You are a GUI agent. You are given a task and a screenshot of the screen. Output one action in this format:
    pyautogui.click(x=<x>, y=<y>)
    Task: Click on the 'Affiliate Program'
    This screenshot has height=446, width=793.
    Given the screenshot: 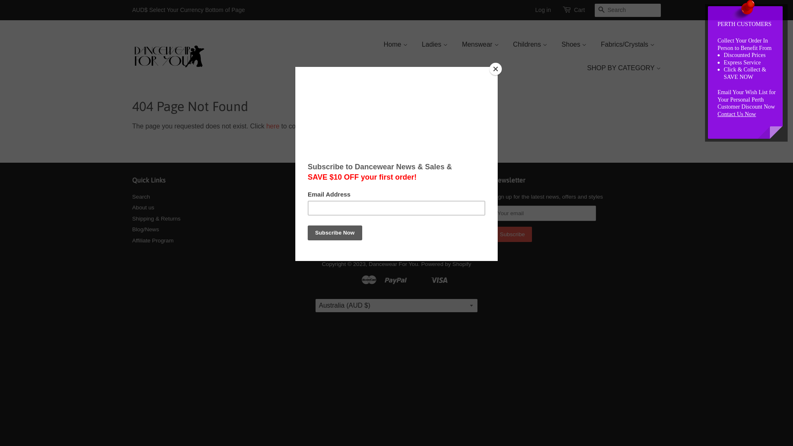 What is the action you would take?
    pyautogui.click(x=152, y=240)
    